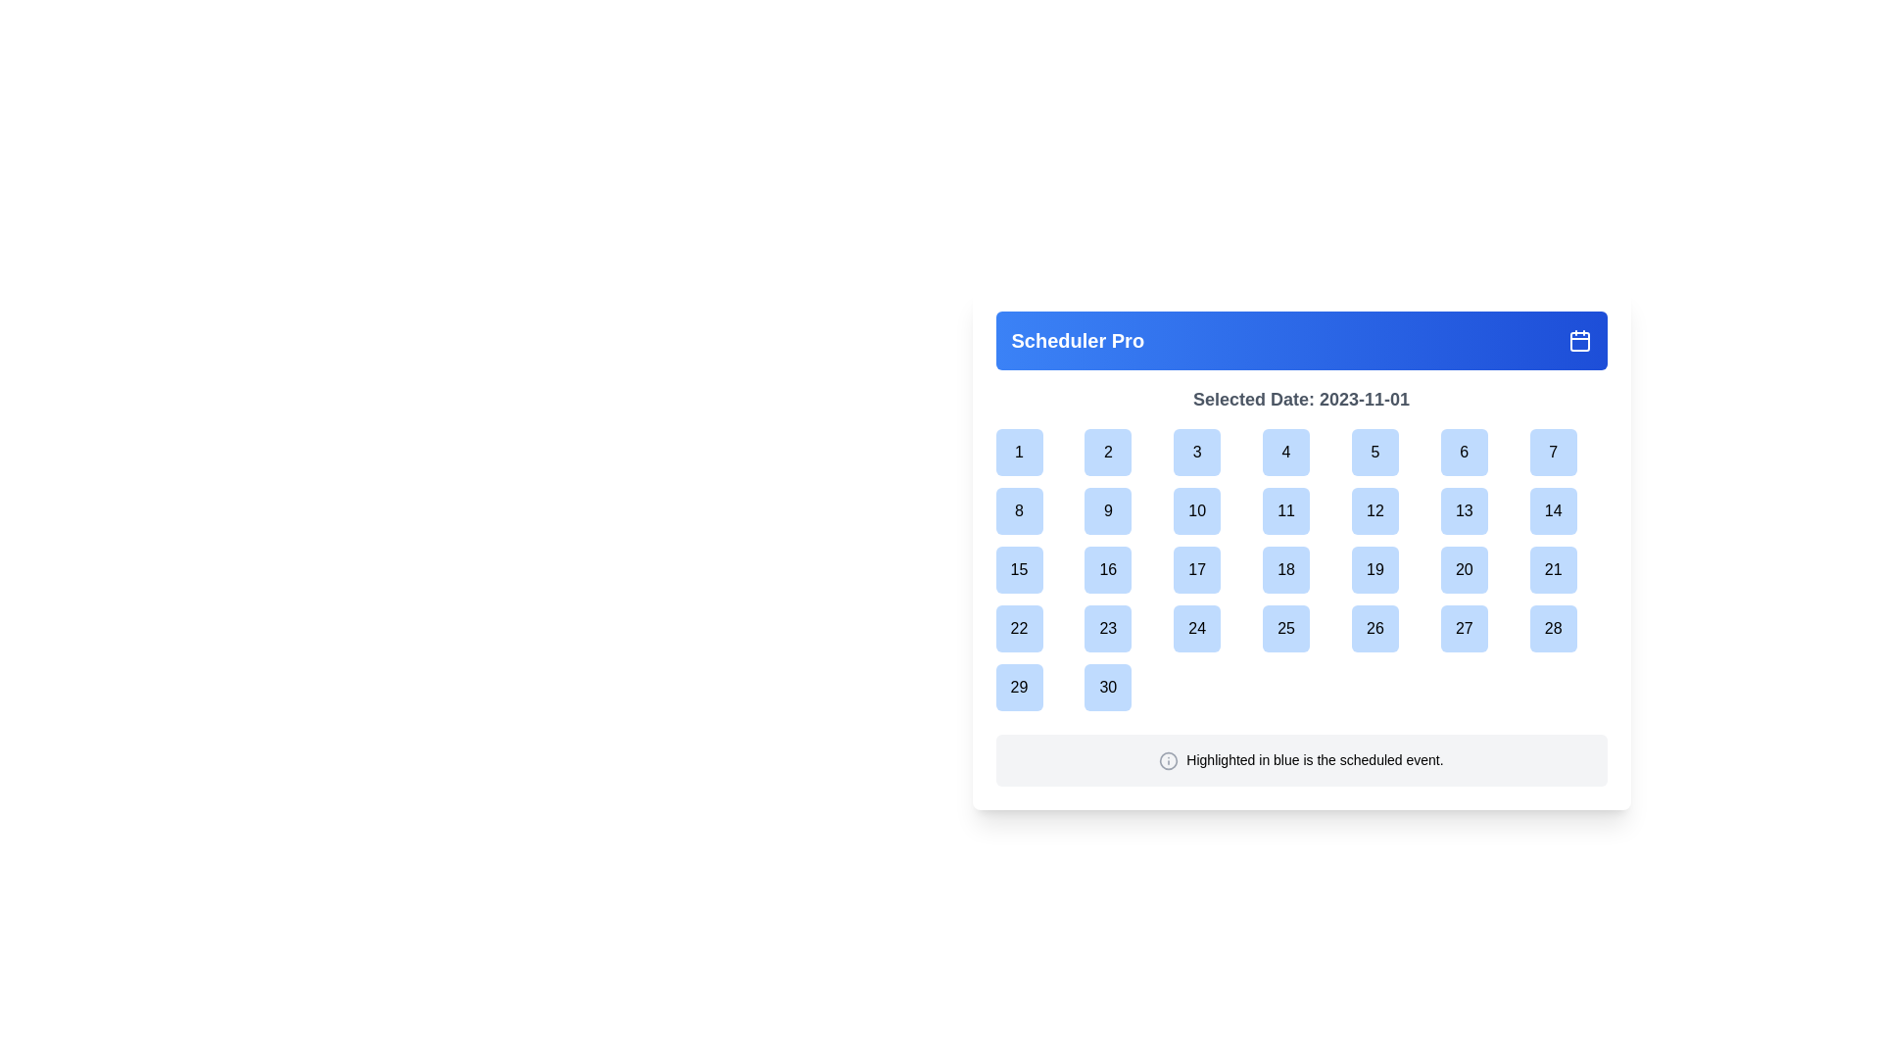 The width and height of the screenshot is (1881, 1058). I want to click on the selectable calendar date button representing the 28th day of the month located in the last column of the last row of the calendar grid, so click(1552, 628).